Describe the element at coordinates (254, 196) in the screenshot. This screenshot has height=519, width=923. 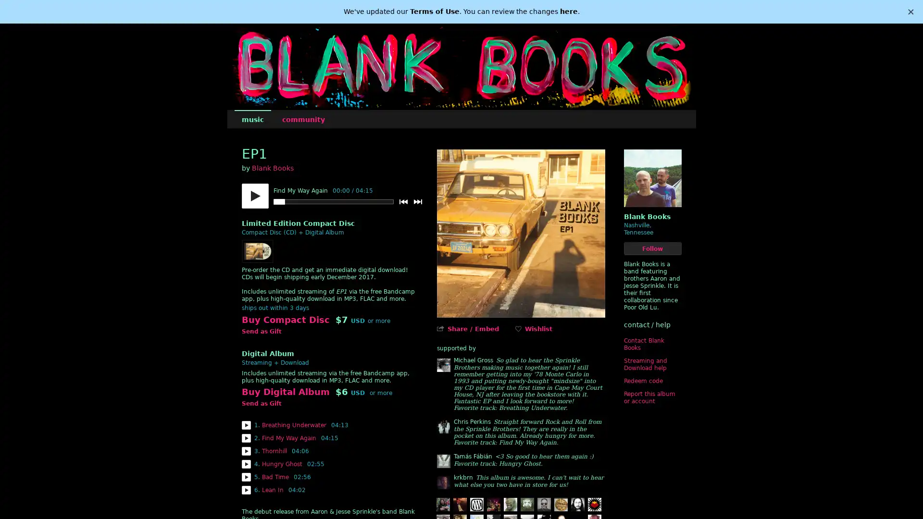
I see `Play/pause` at that location.